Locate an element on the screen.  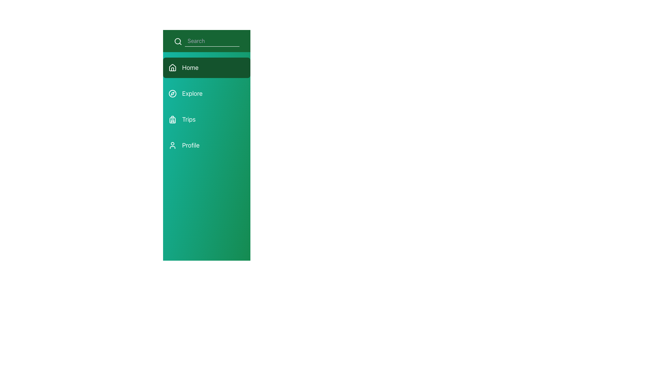
the vector icon resembling a house located is located at coordinates (172, 67).